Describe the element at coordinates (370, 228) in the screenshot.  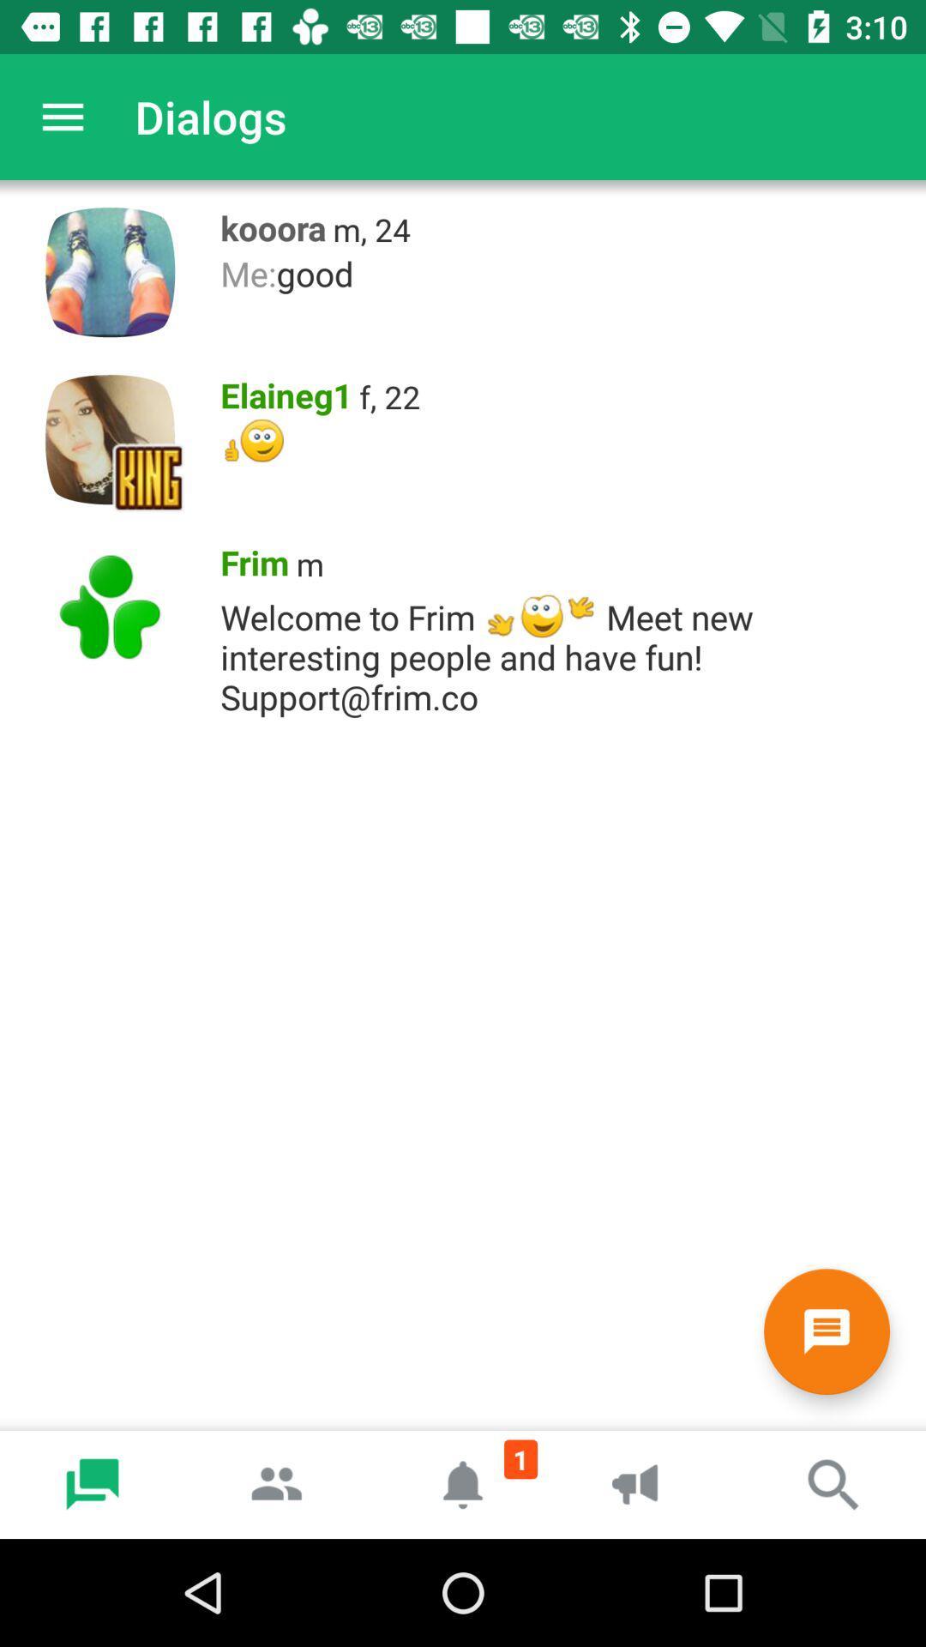
I see `the icon above me:good item` at that location.